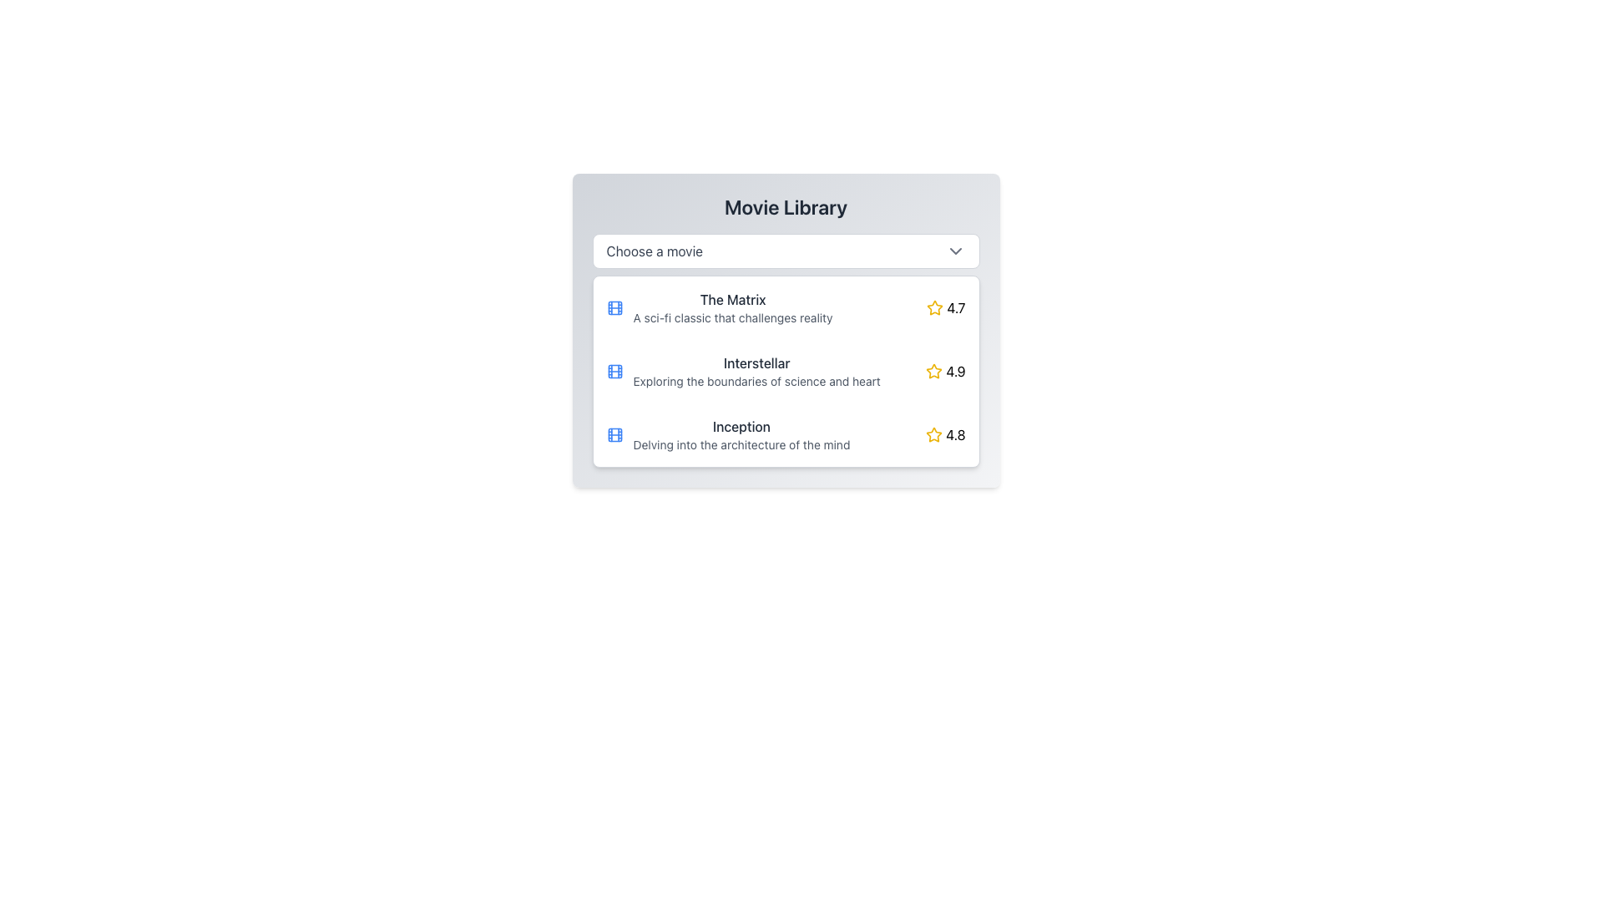 This screenshot has width=1603, height=902. I want to click on text element that provides a brief description or tag-line for the movie 'Inception', located below the title and above the next text element, so click(741, 443).